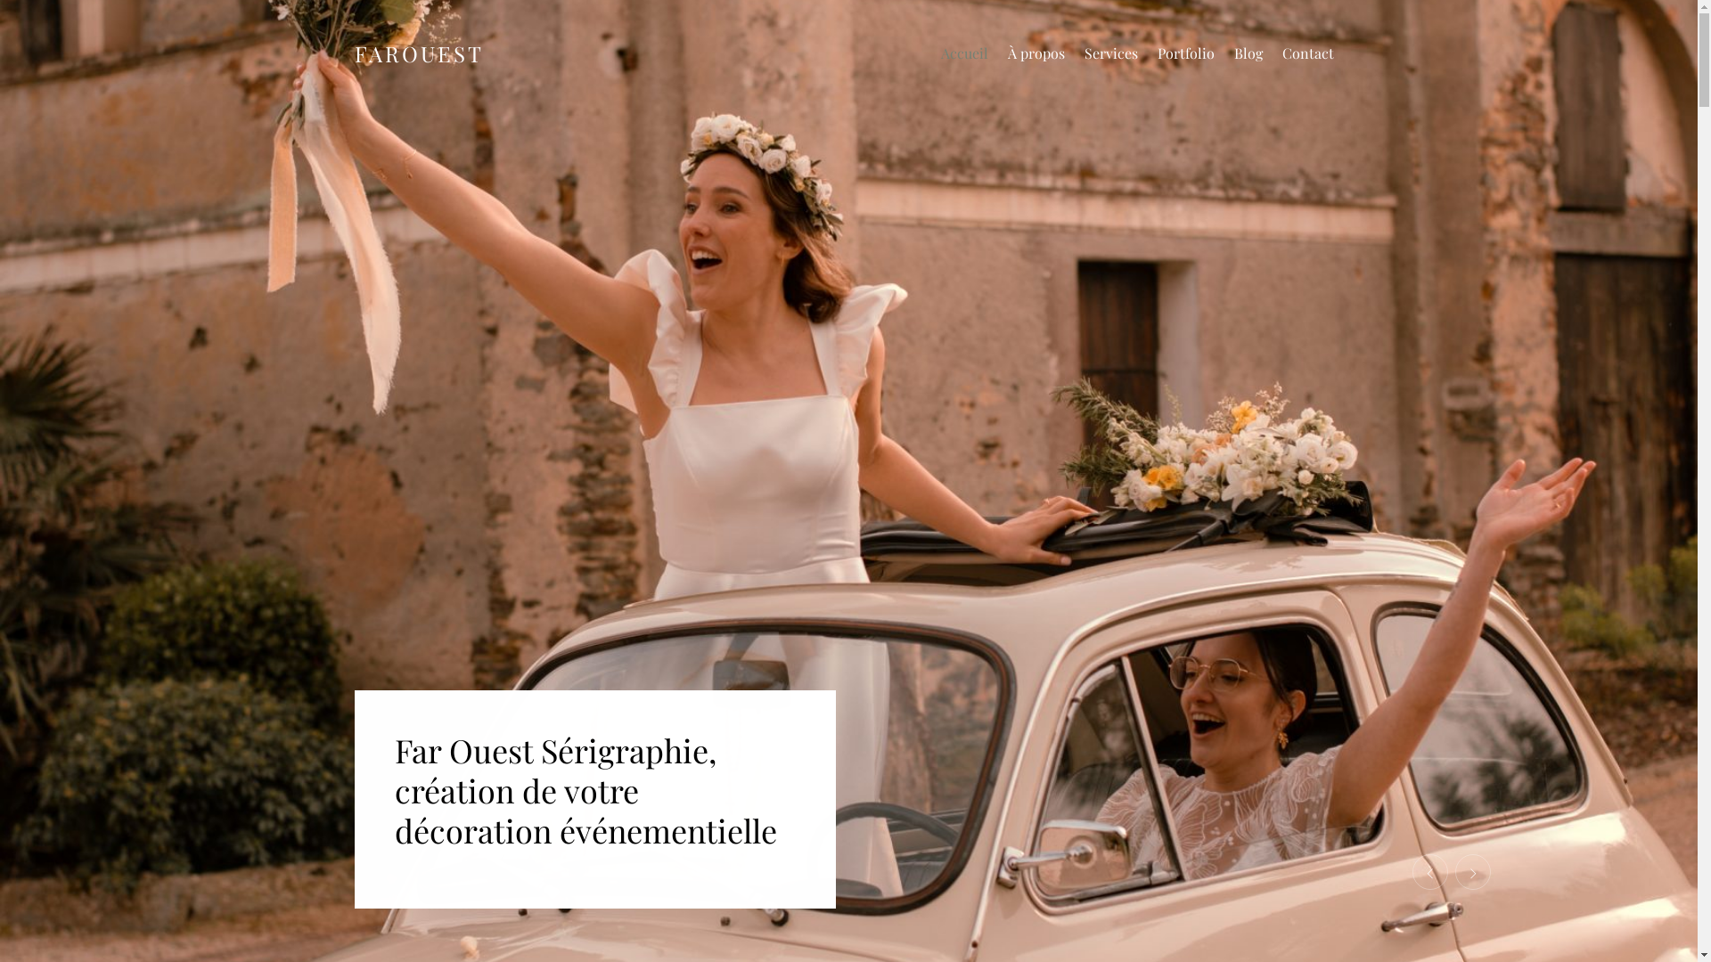  What do you see at coordinates (963, 53) in the screenshot?
I see `'Accueil'` at bounding box center [963, 53].